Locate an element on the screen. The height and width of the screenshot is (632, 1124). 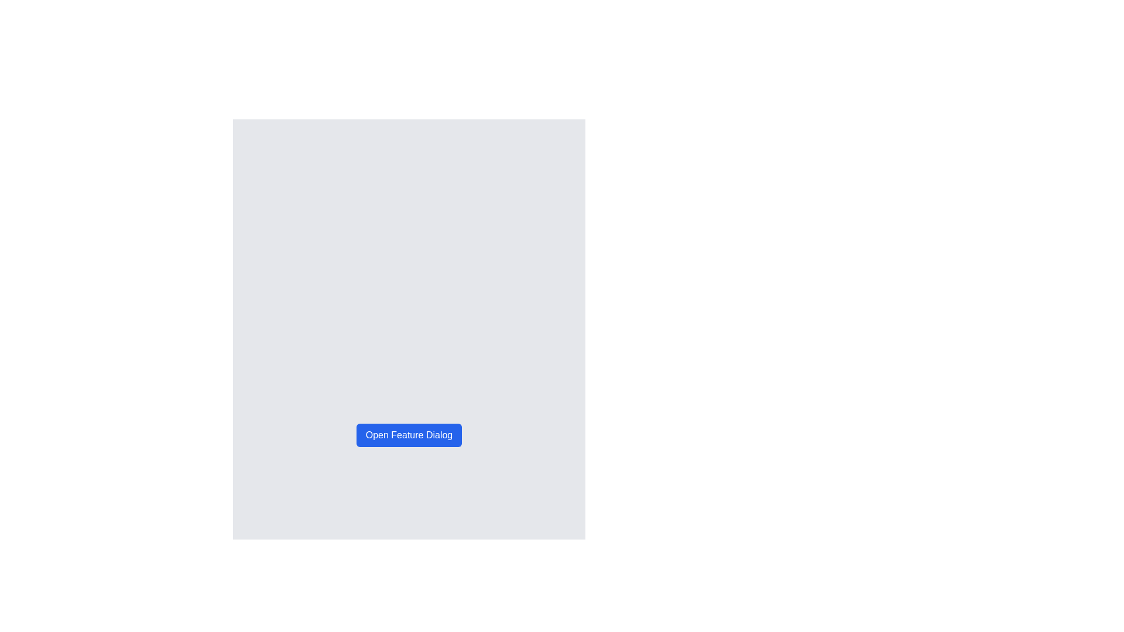
the rectangular blue button labeled 'Open Feature Dialog' to change its appearance is located at coordinates (409, 435).